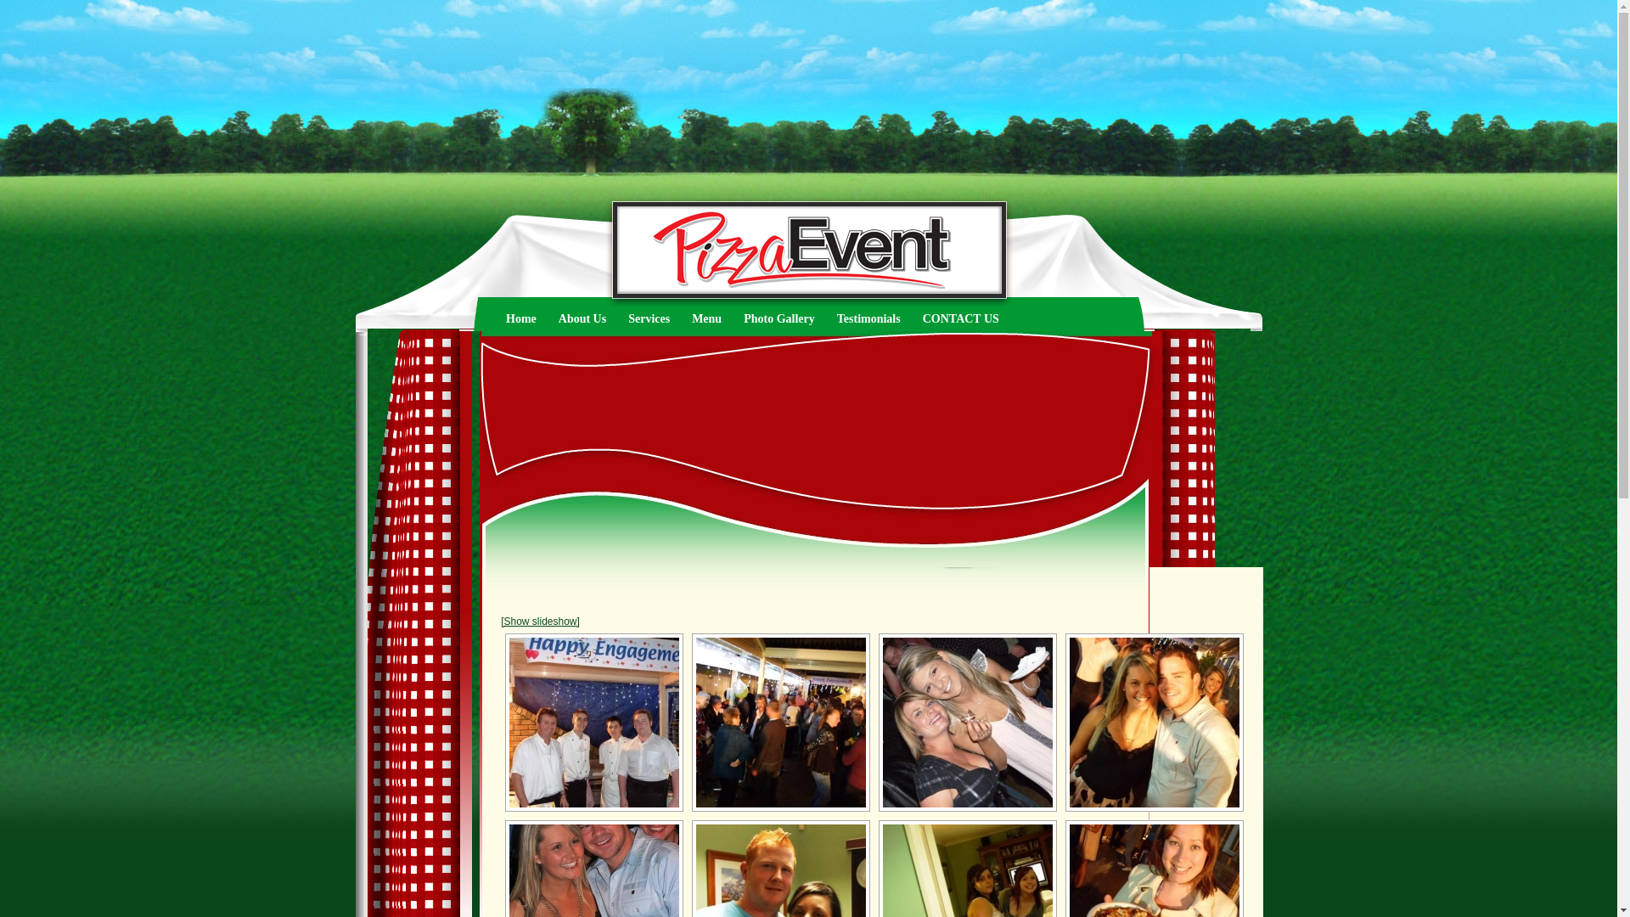  I want to click on 'CONTACT US', so click(961, 318).